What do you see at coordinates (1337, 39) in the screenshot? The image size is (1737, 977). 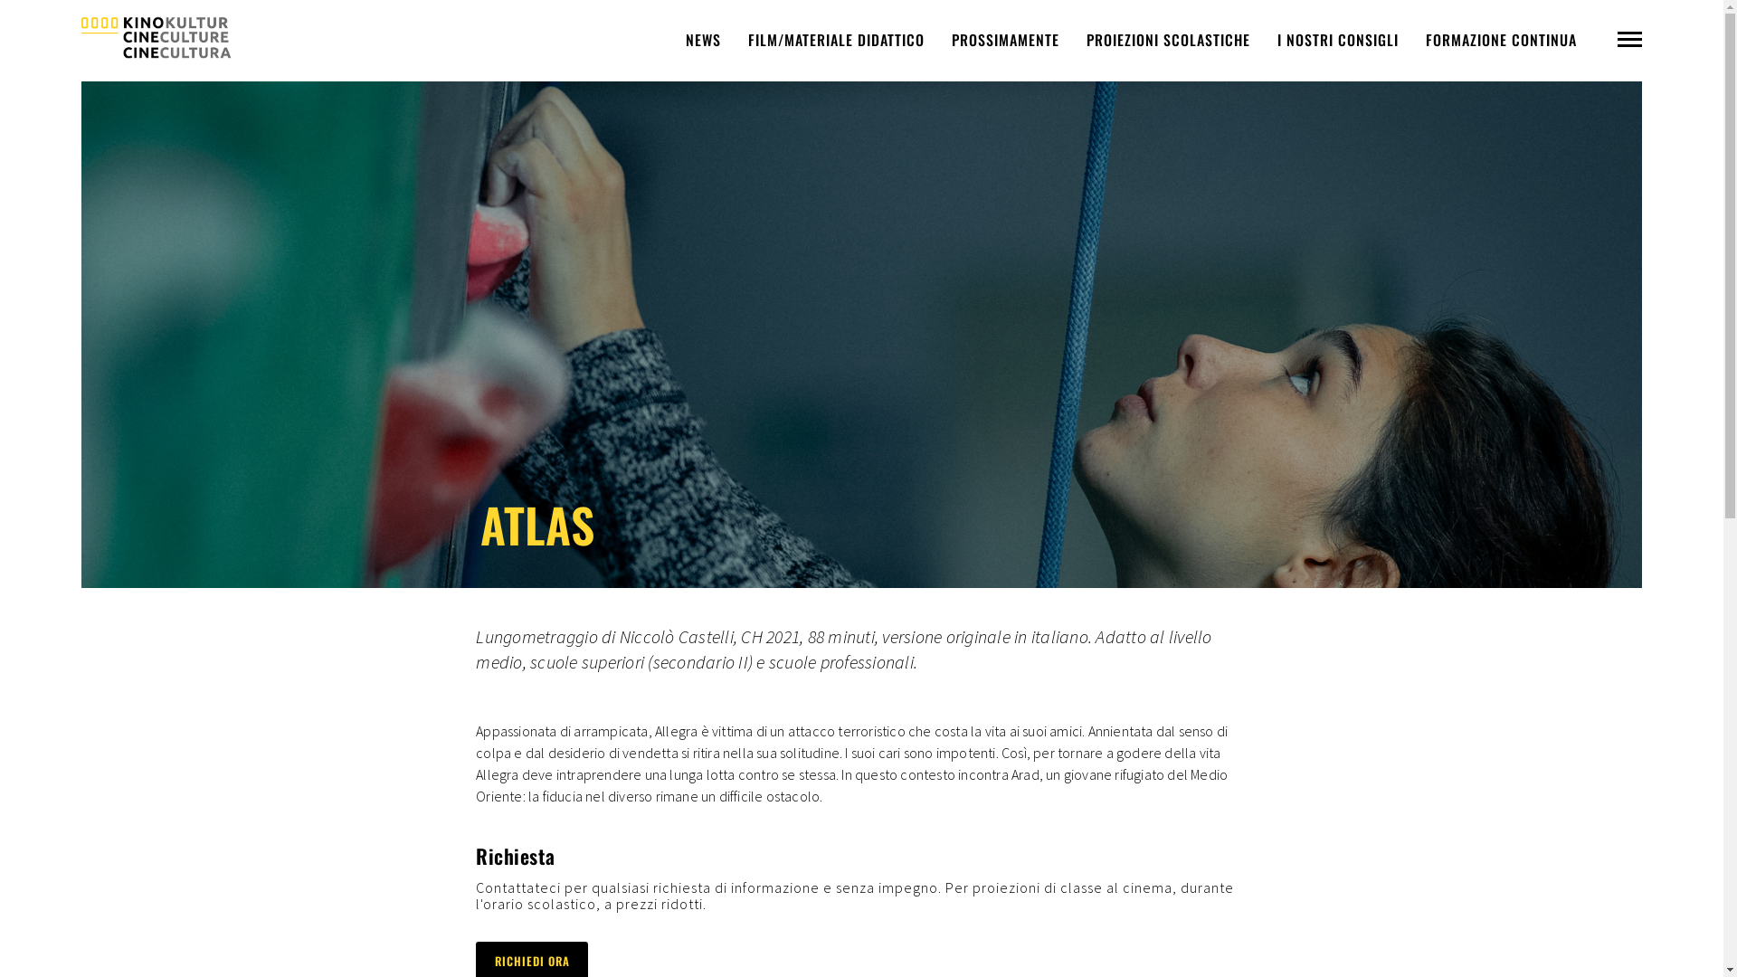 I see `'I NOSTRI CONSIGLI'` at bounding box center [1337, 39].